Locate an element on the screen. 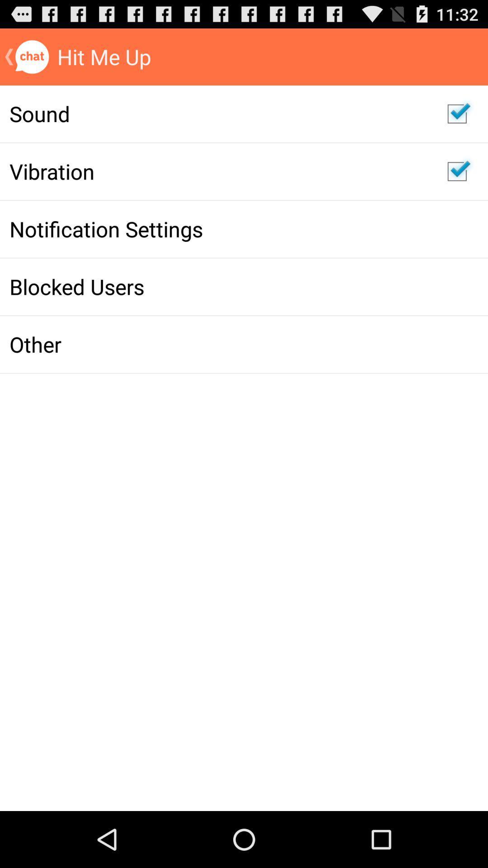 The width and height of the screenshot is (488, 868). the app above blocked users icon is located at coordinates (219, 229).